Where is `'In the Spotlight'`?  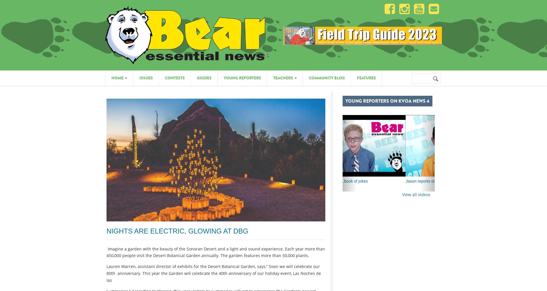
'In the Spotlight' is located at coordinates (371, 55).